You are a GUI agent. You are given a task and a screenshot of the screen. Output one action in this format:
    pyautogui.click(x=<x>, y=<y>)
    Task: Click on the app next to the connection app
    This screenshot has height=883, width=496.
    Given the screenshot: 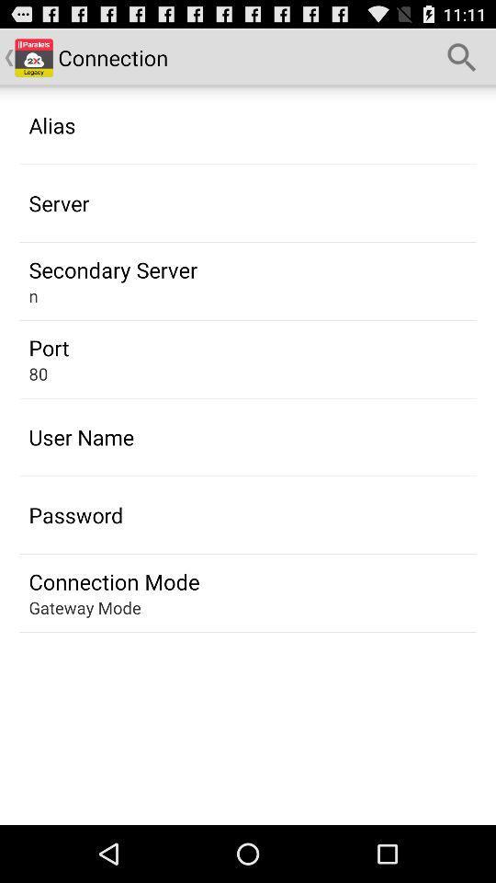 What is the action you would take?
    pyautogui.click(x=461, y=57)
    